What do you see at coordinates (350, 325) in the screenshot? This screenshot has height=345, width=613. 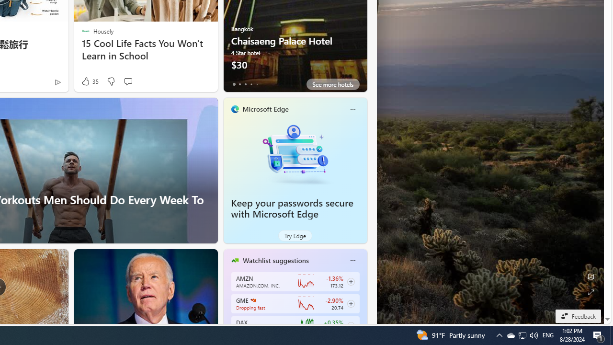 I see `'Class: follow-button  m'` at bounding box center [350, 325].